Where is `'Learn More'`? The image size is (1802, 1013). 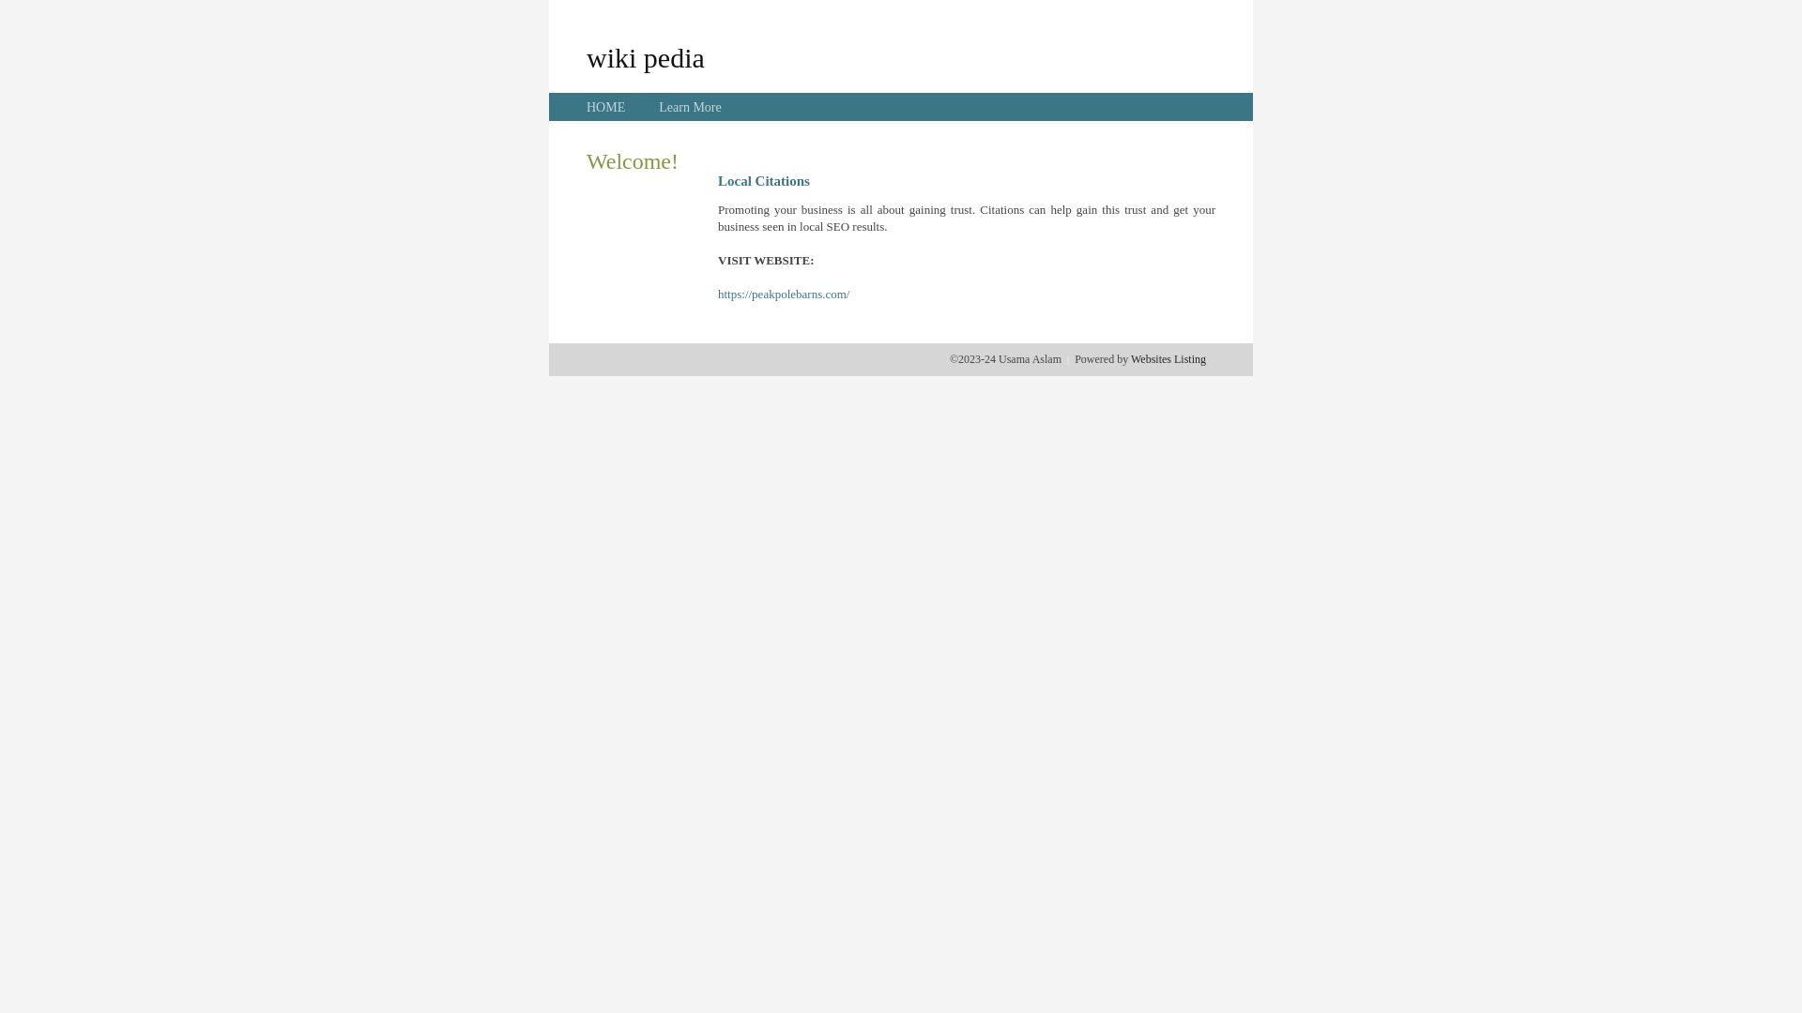
'Learn More' is located at coordinates (688, 107).